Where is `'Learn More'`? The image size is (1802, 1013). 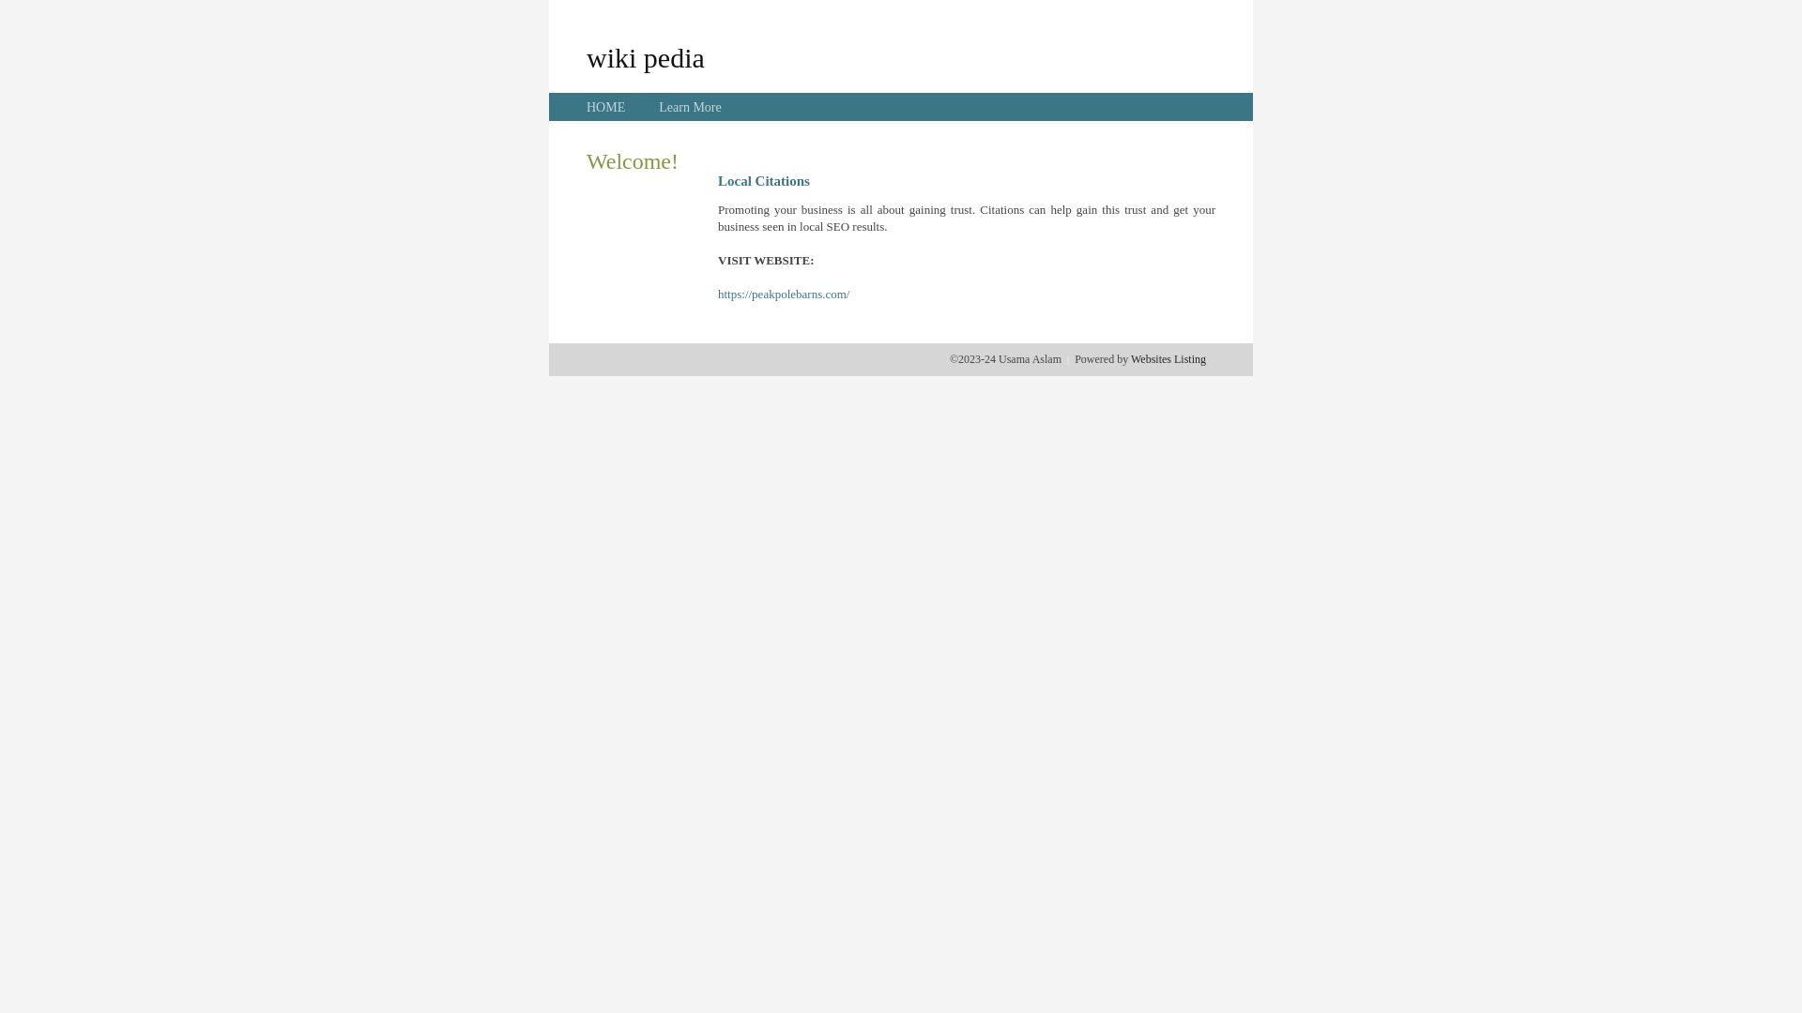
'Learn More' is located at coordinates (688, 107).